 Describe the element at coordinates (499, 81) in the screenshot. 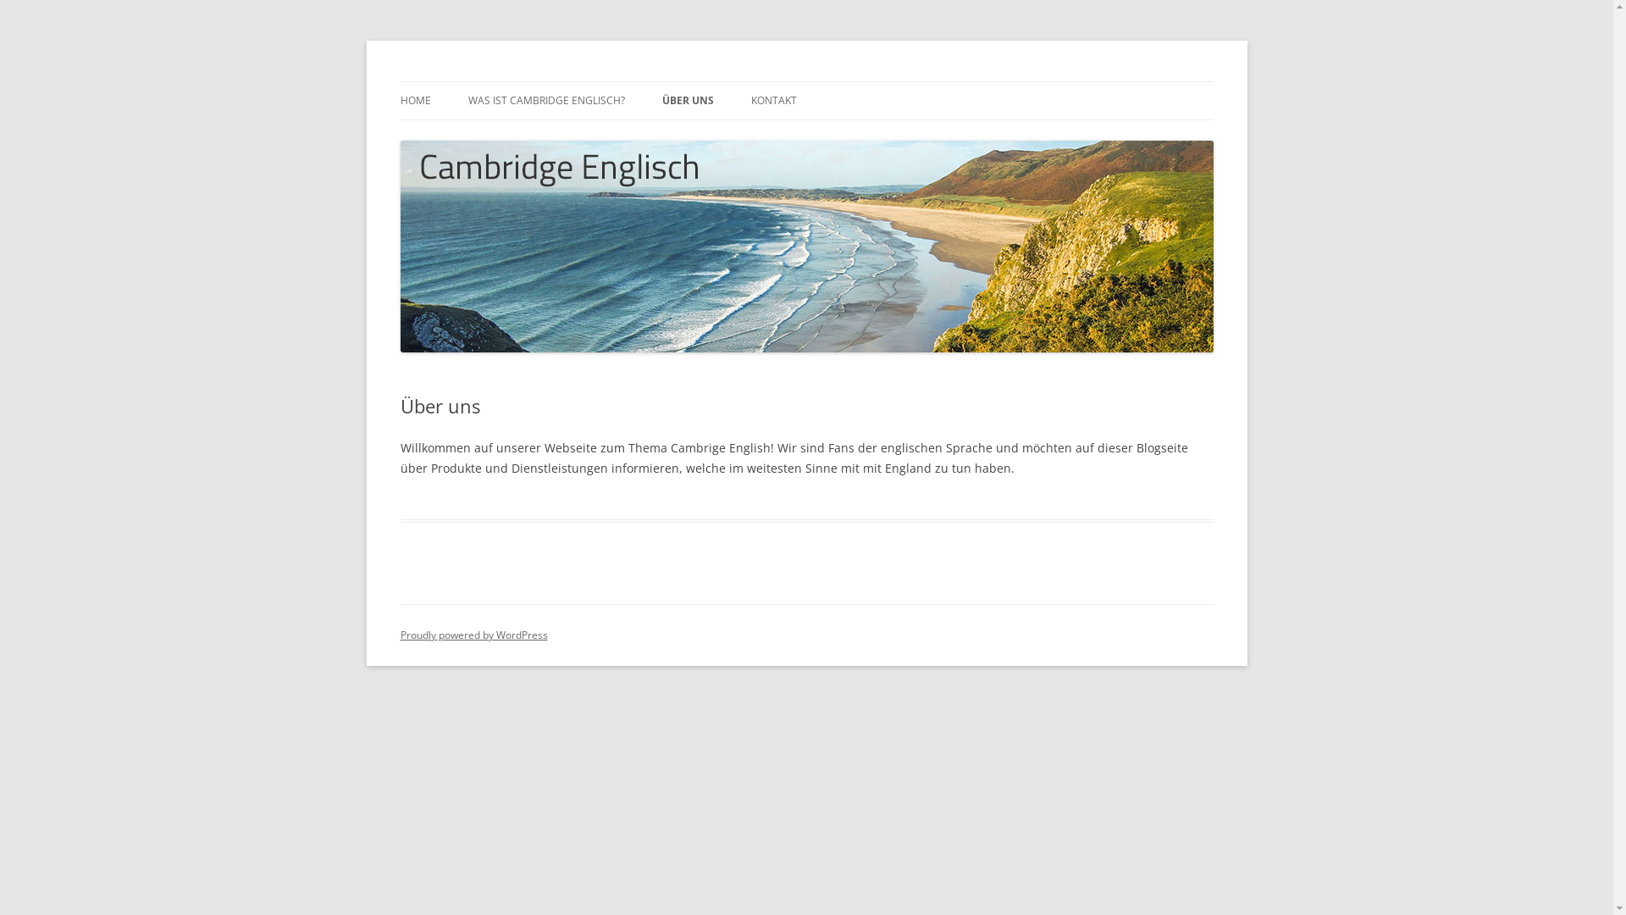

I see `'cambridge english'` at that location.